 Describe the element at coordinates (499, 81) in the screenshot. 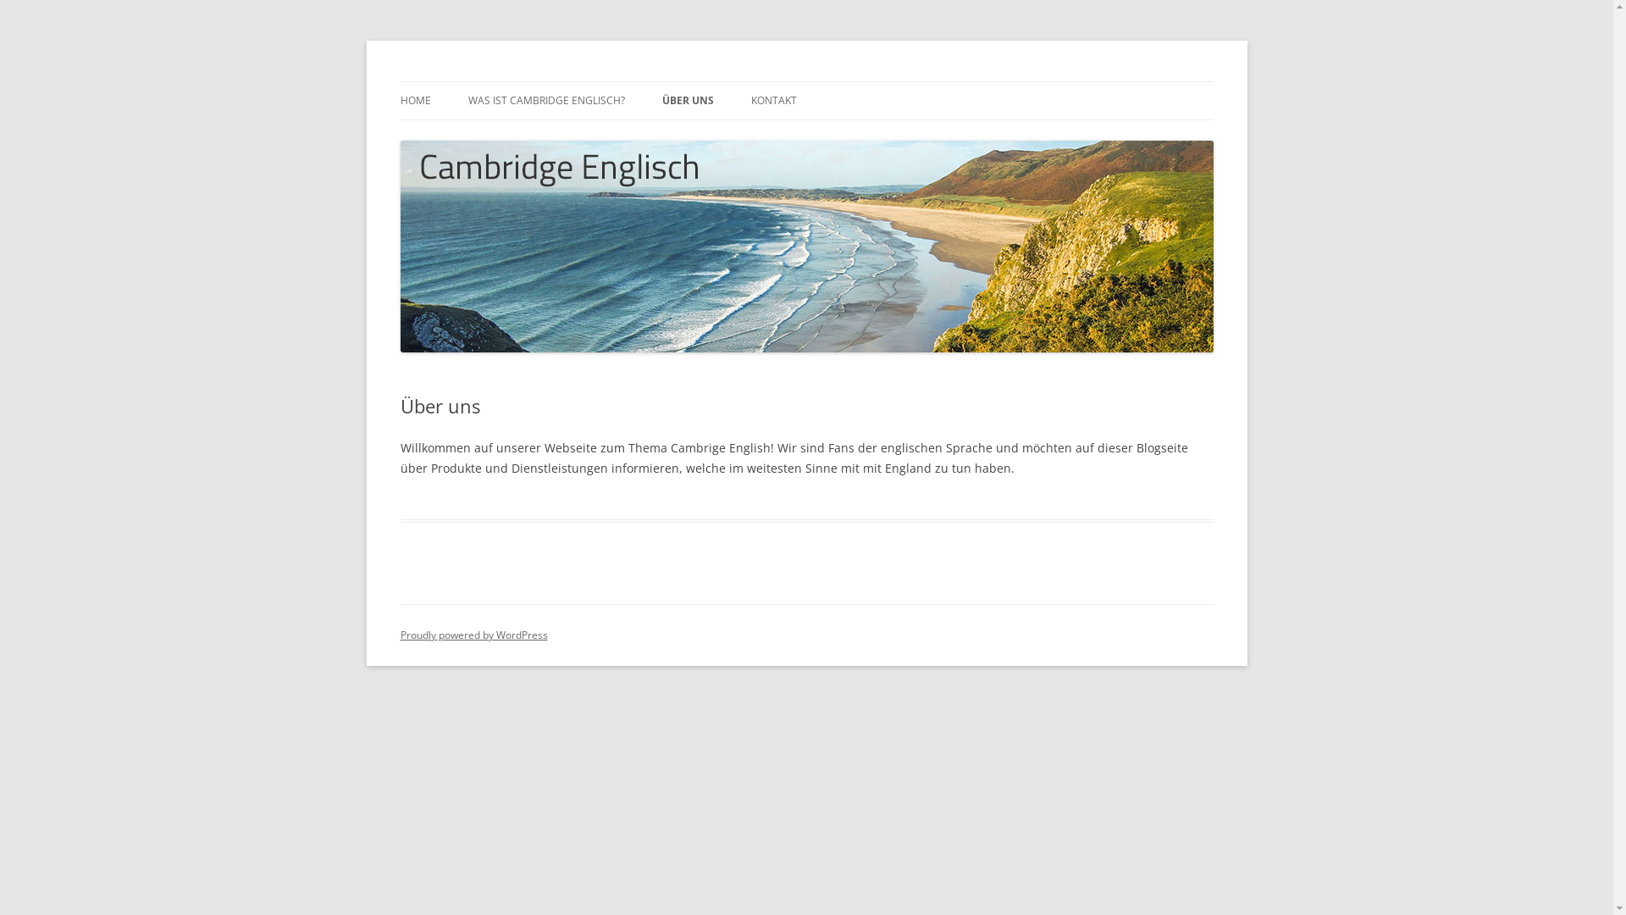

I see `'cambridge english'` at that location.